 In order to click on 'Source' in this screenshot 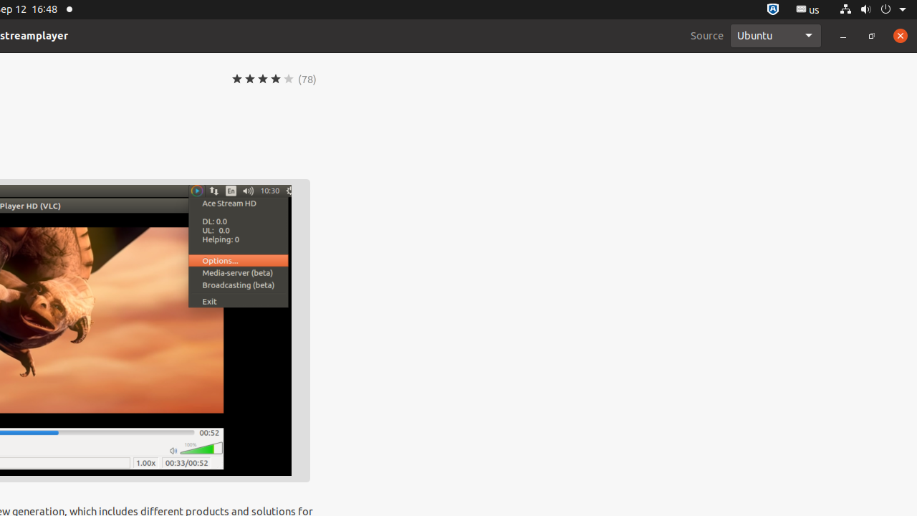, I will do `click(707, 34)`.